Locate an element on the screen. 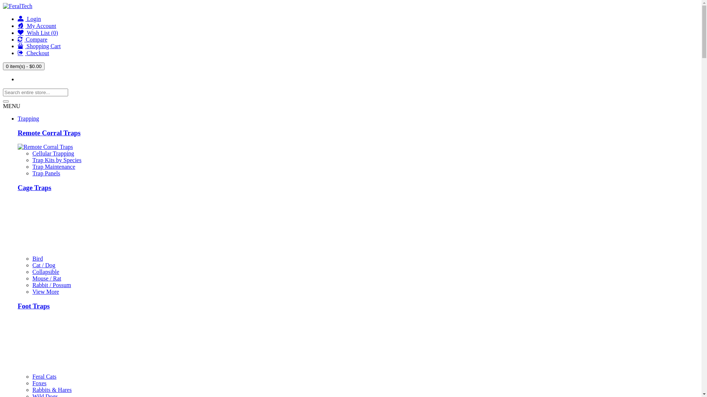  'Bird' is located at coordinates (37, 258).